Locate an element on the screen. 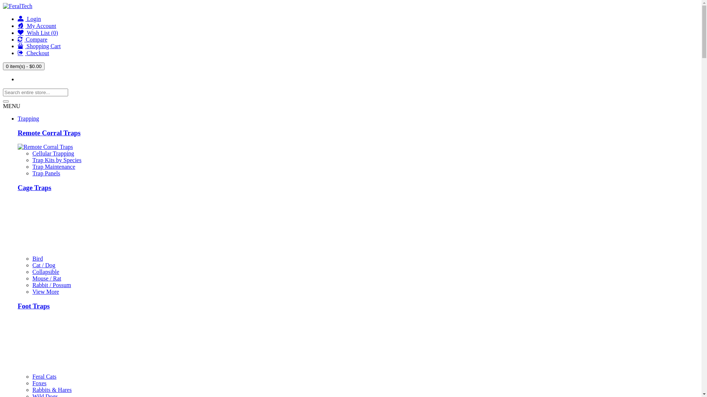  'Bird' is located at coordinates (37, 258).